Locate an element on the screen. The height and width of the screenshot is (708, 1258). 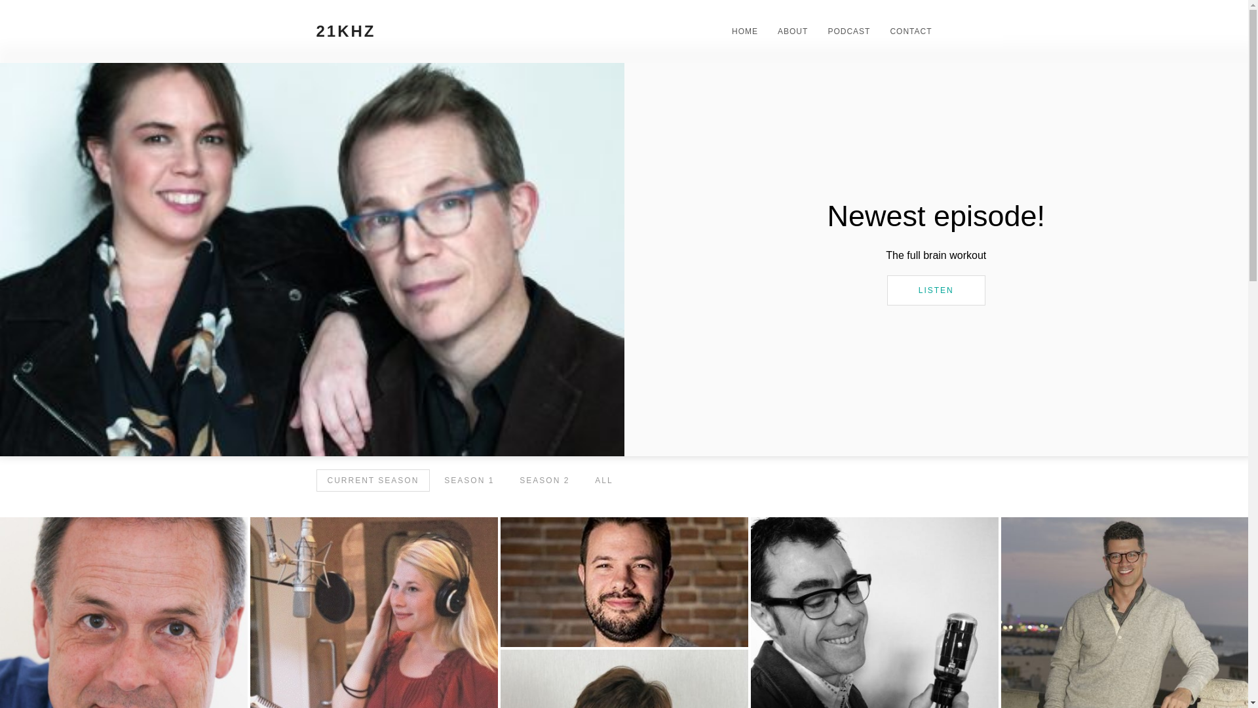
'SEASON 2' is located at coordinates (544, 480).